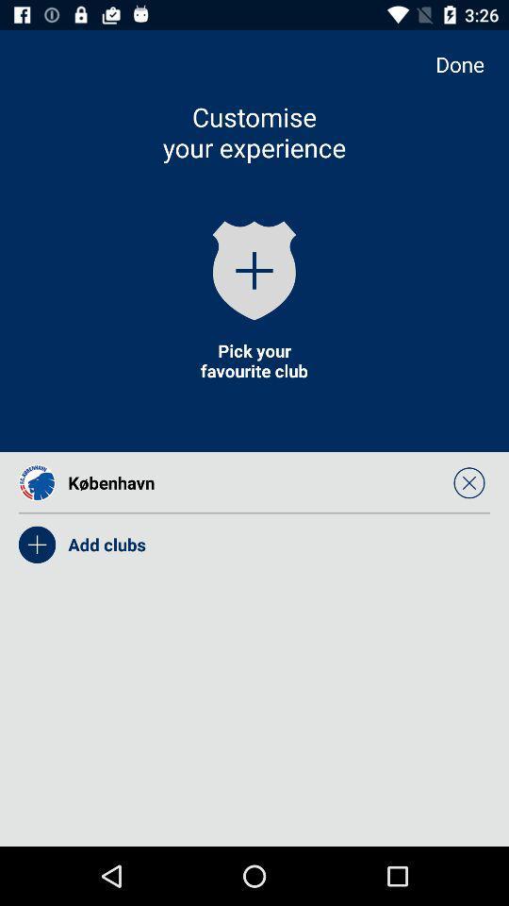  What do you see at coordinates (468, 481) in the screenshot?
I see `the icon on the right` at bounding box center [468, 481].